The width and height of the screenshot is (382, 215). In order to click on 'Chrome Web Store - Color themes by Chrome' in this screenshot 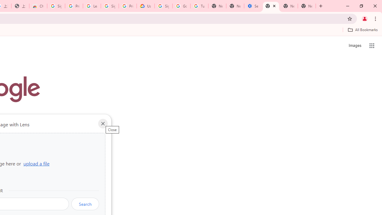, I will do `click(38, 6)`.